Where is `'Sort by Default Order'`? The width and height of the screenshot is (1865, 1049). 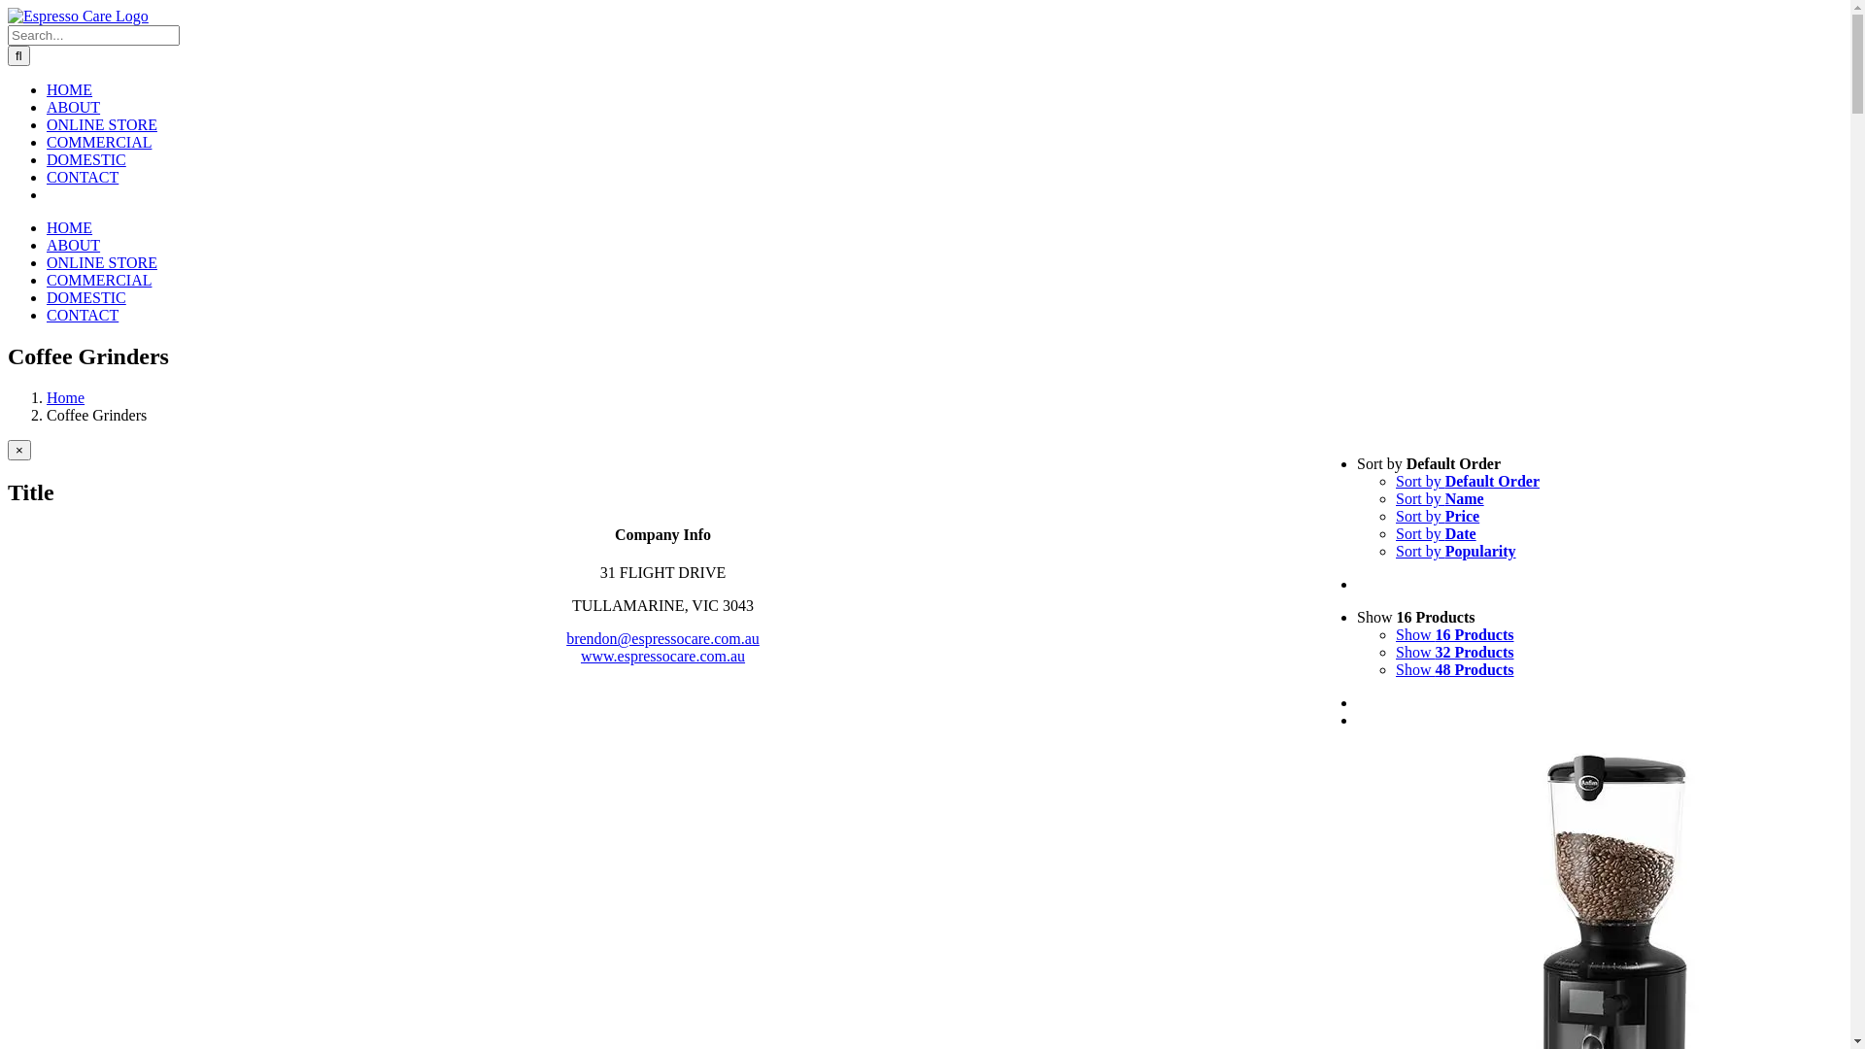
'Sort by Default Order' is located at coordinates (1428, 463).